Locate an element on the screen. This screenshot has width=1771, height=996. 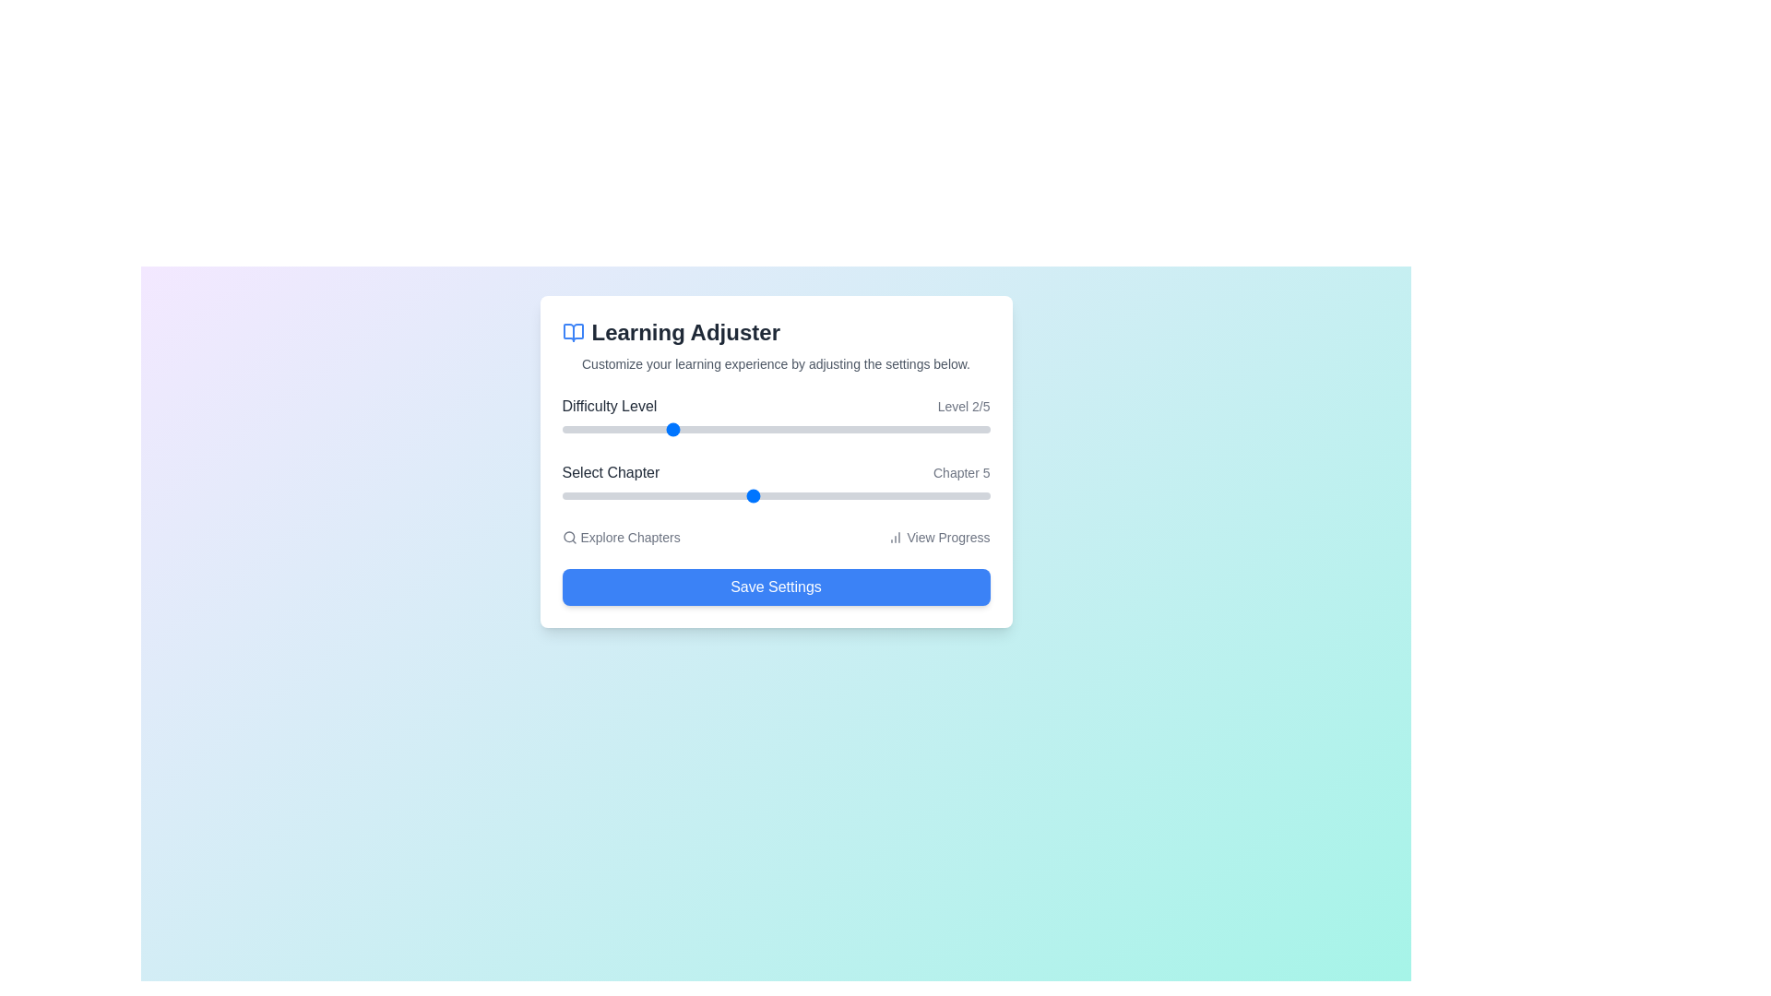
the 'Chapter 5' text label, which is styled in gray with a small font size and is positioned within the 'Select Chapter' section is located at coordinates (960, 472).